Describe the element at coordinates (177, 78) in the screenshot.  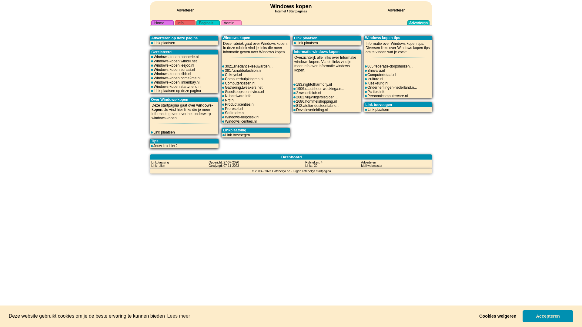
I see `'Windows-kopen.come2me.nl'` at that location.